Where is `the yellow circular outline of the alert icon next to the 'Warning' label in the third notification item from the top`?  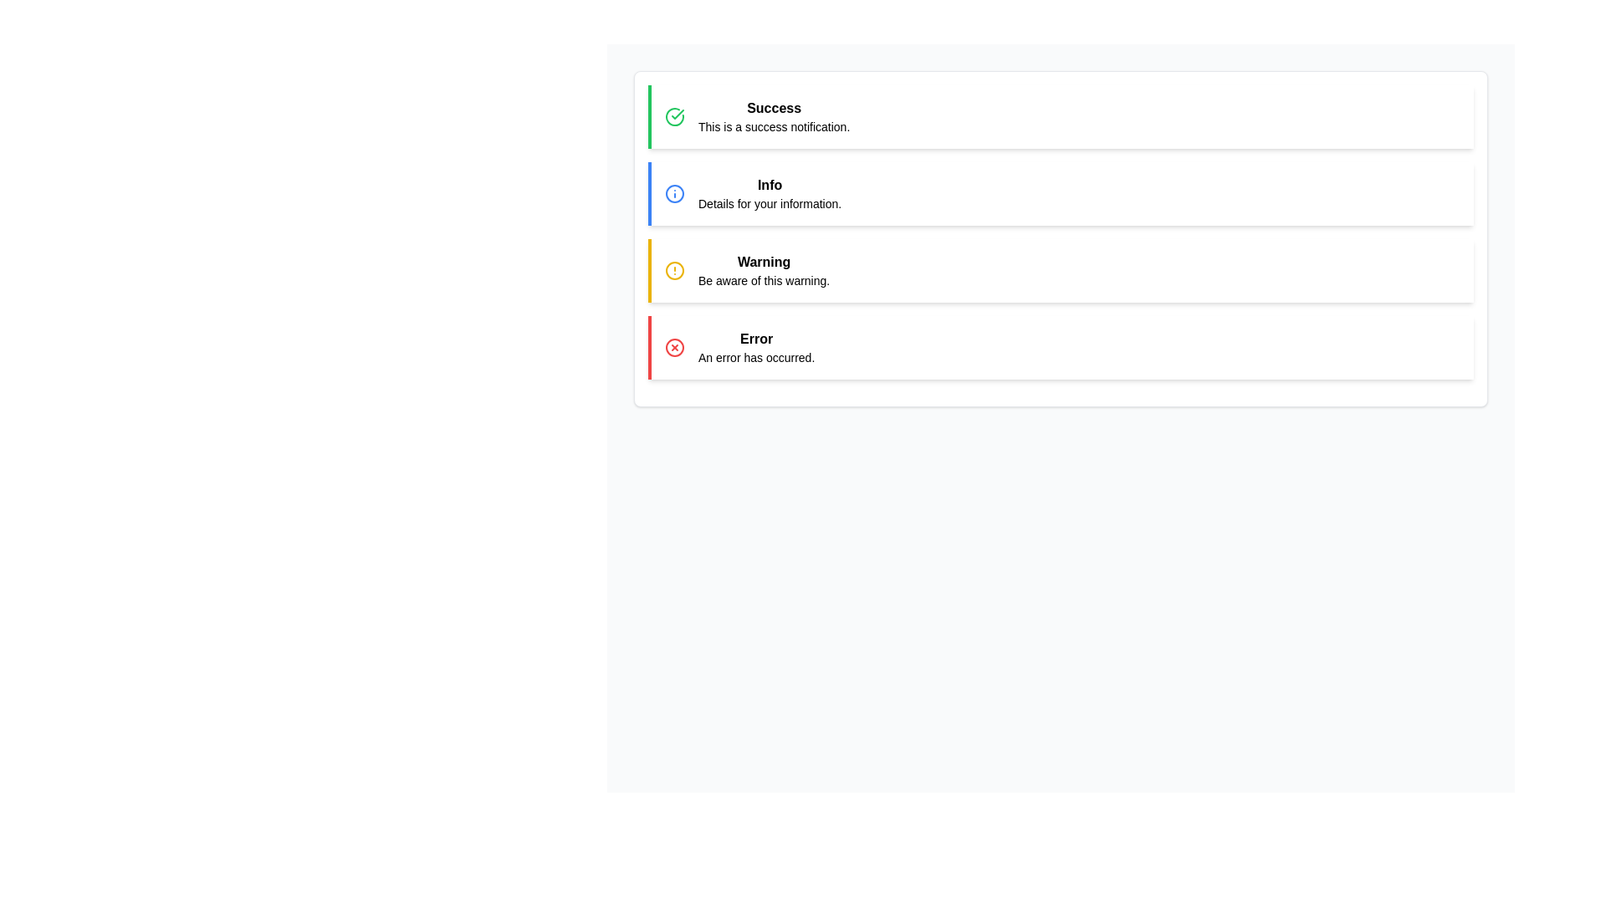 the yellow circular outline of the alert icon next to the 'Warning' label in the third notification item from the top is located at coordinates (674, 270).